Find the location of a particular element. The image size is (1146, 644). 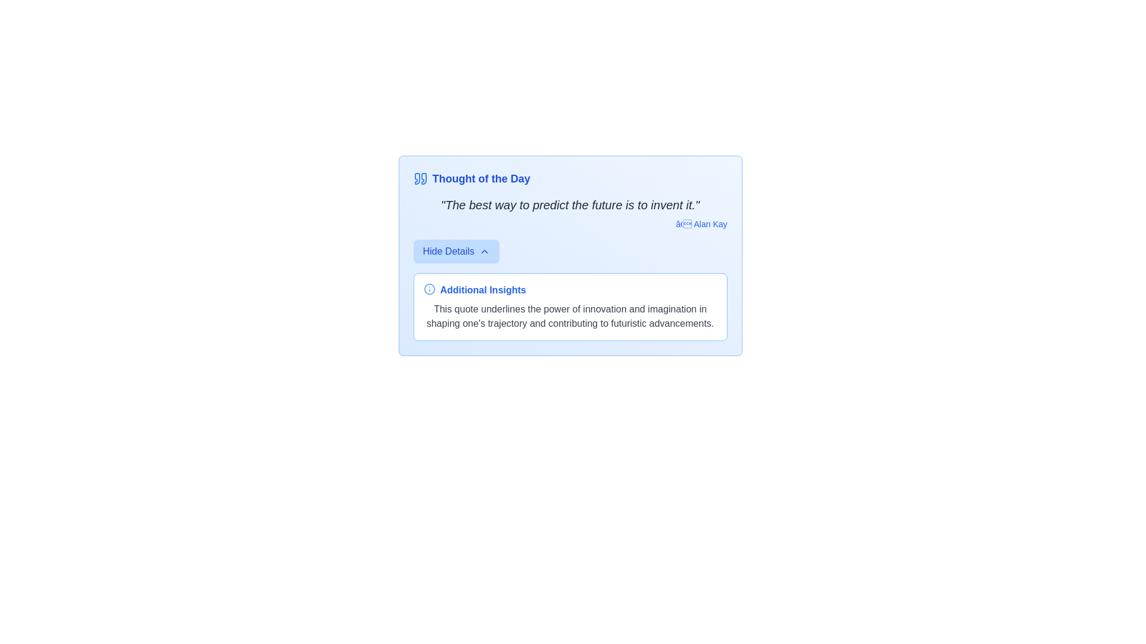

the blue quotation mark icon located to the left of the 'Thought of the Day' text is located at coordinates (420, 179).